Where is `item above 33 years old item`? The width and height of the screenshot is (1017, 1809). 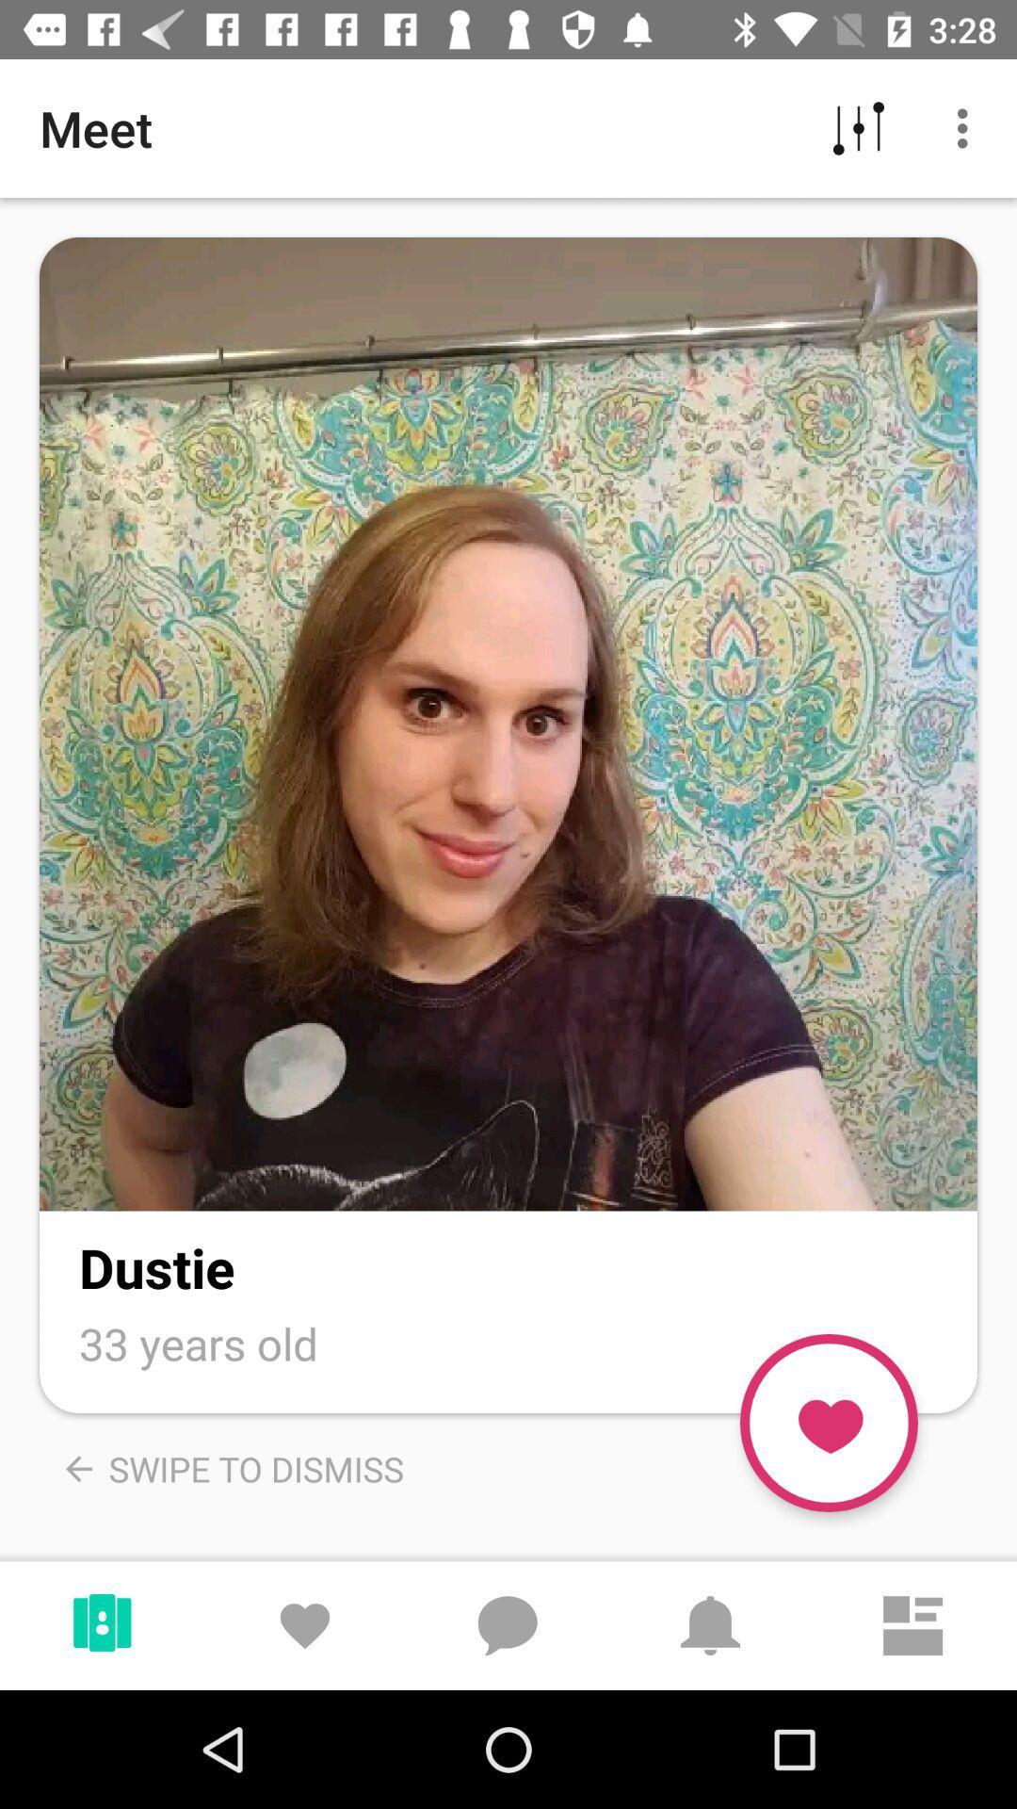 item above 33 years old item is located at coordinates (155, 1267).